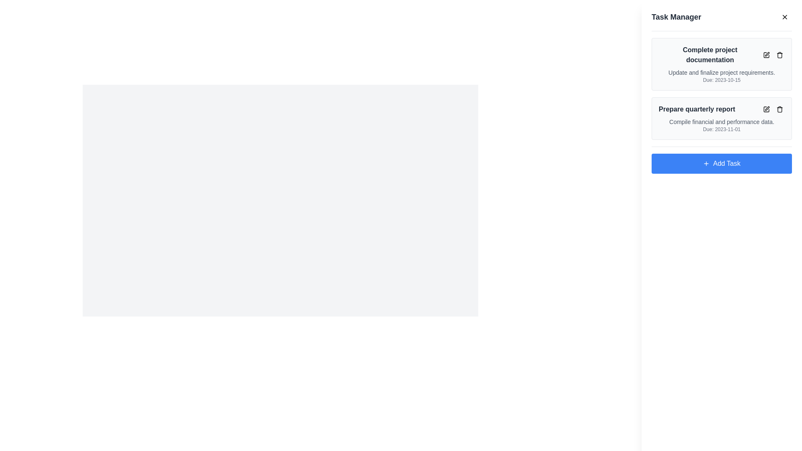  Describe the element at coordinates (721, 89) in the screenshot. I see `the first List item in the task management interface` at that location.